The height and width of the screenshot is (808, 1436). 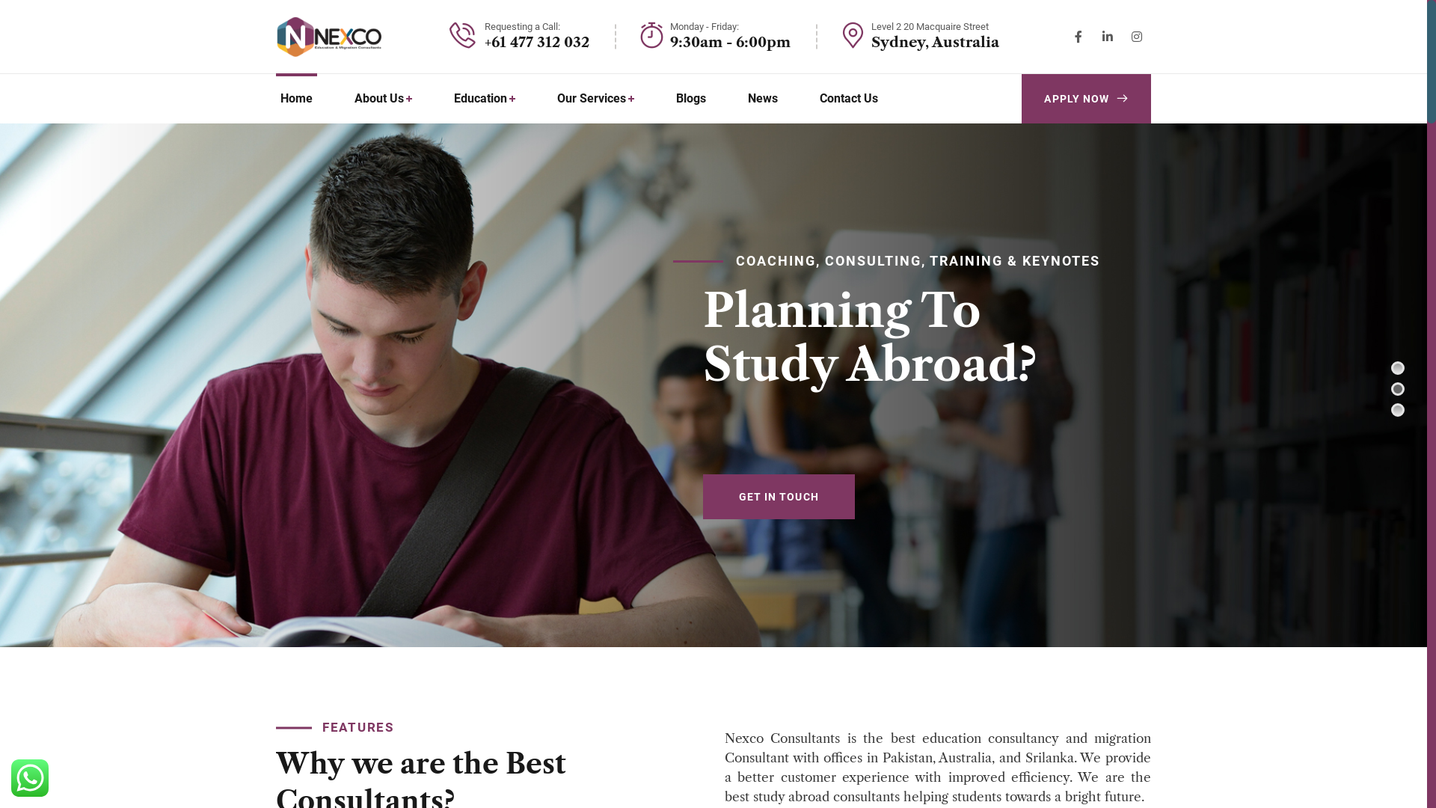 What do you see at coordinates (848, 98) in the screenshot?
I see `'Contact Us'` at bounding box center [848, 98].